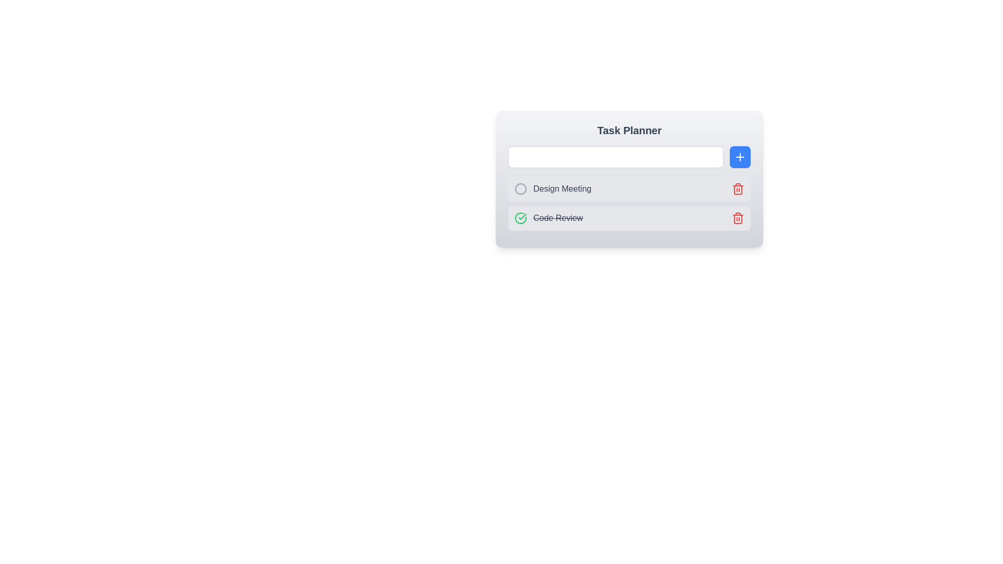 This screenshot has height=564, width=1003. I want to click on the green checkmark icon indicating success next to the 'Code Review' item in the task list, so click(522, 216).